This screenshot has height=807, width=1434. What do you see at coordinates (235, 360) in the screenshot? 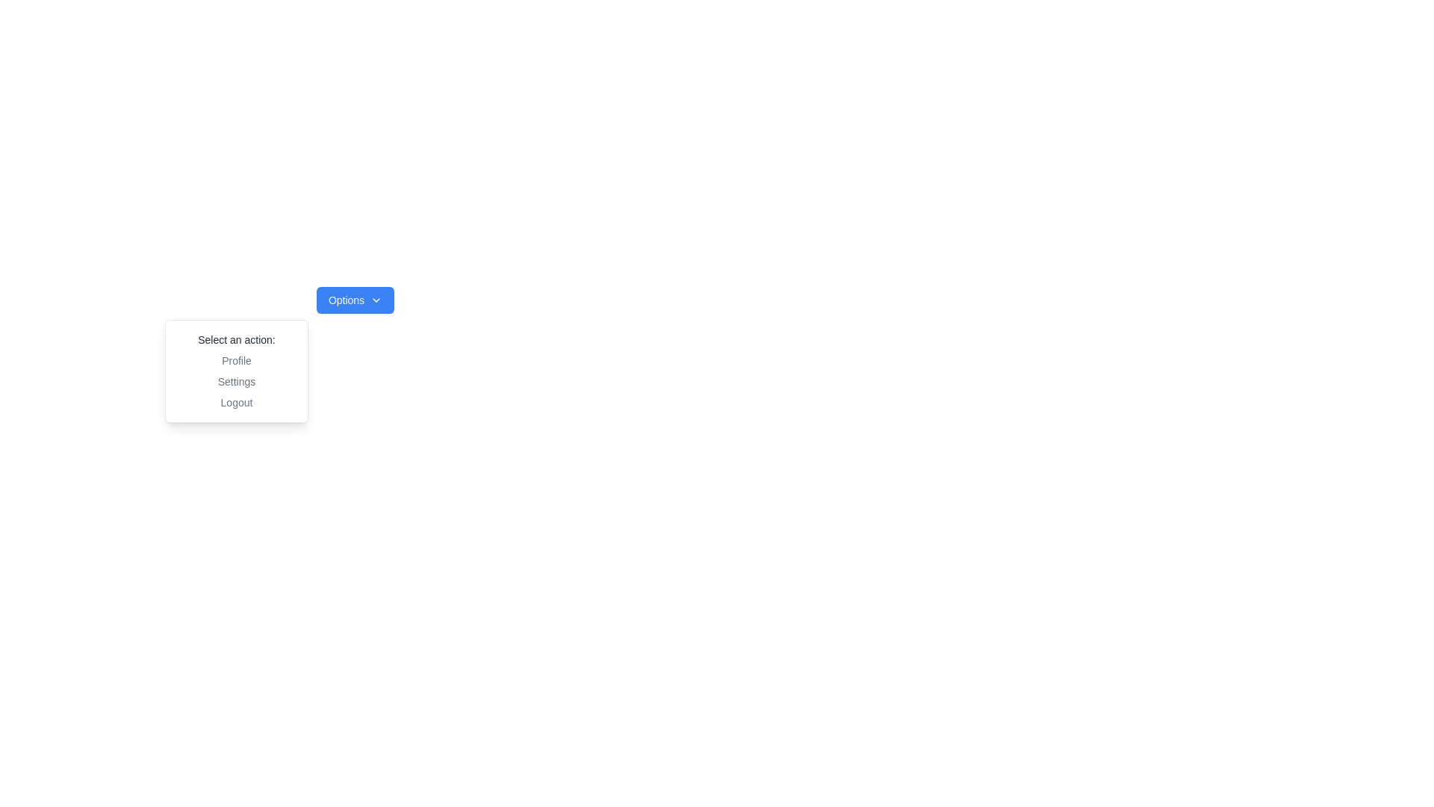
I see `the 'Profile' text label, which is the first item in a dropdown menu styled with a gray font` at bounding box center [235, 360].